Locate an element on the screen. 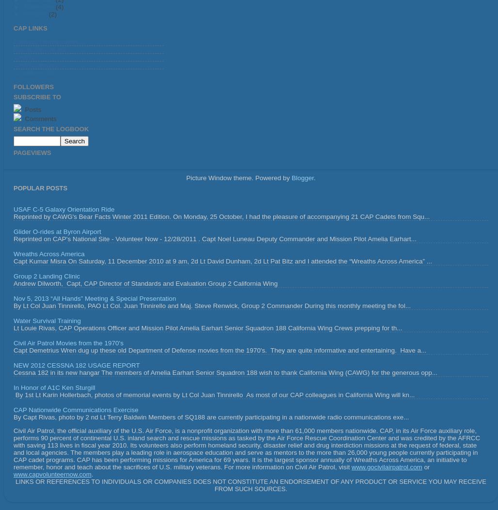 The width and height of the screenshot is (498, 510). 'Pageviews' is located at coordinates (31, 153).